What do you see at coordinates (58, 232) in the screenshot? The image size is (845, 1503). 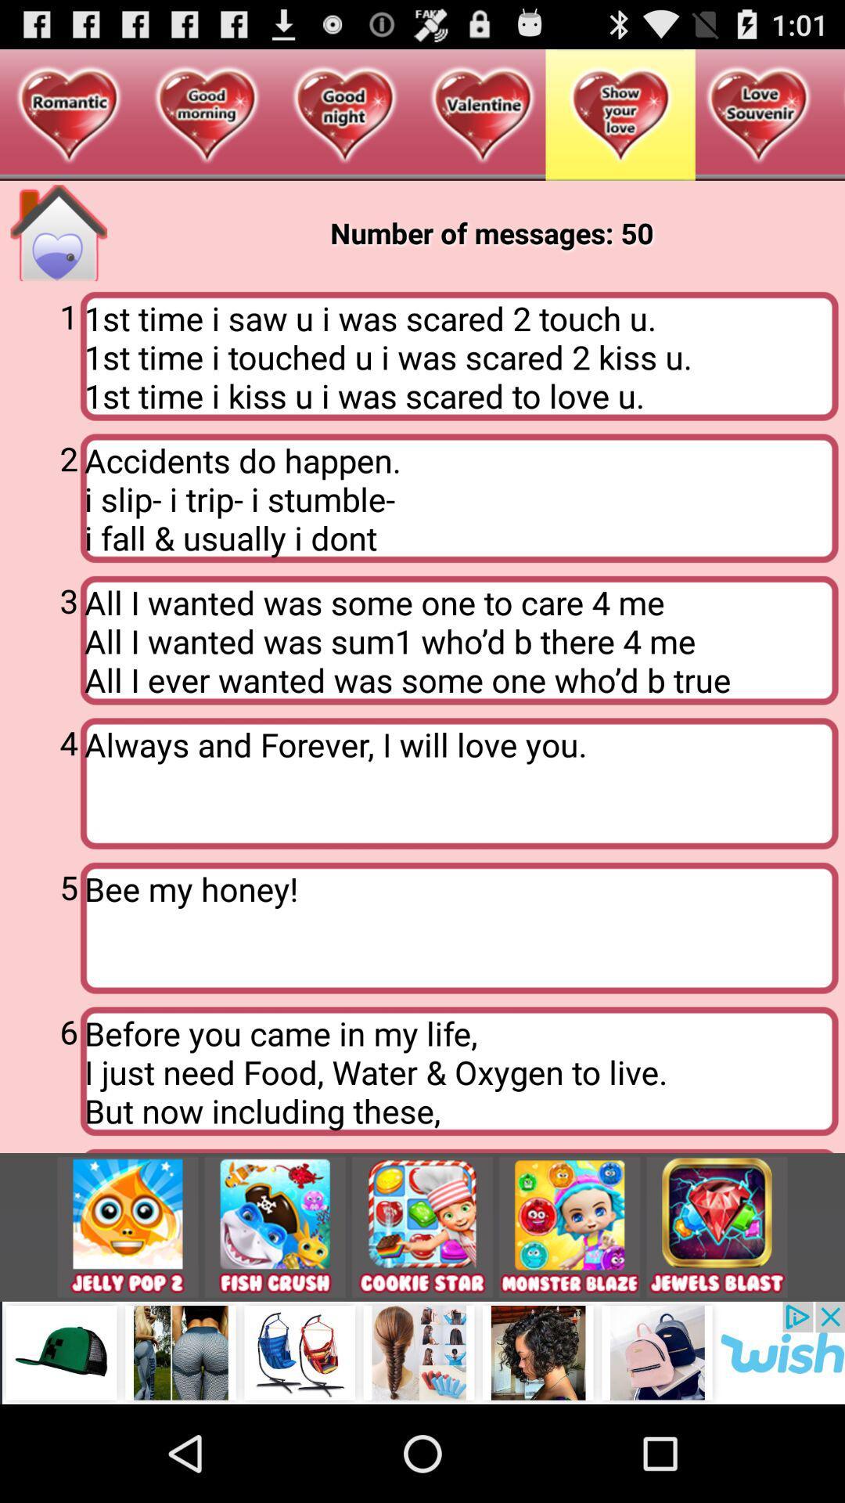 I see `messages box` at bounding box center [58, 232].